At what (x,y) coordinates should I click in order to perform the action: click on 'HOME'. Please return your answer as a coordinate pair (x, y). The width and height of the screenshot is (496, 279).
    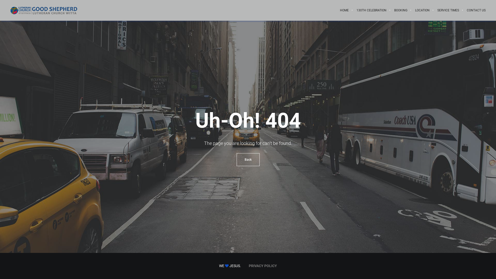
    Looking at the image, I should click on (344, 10).